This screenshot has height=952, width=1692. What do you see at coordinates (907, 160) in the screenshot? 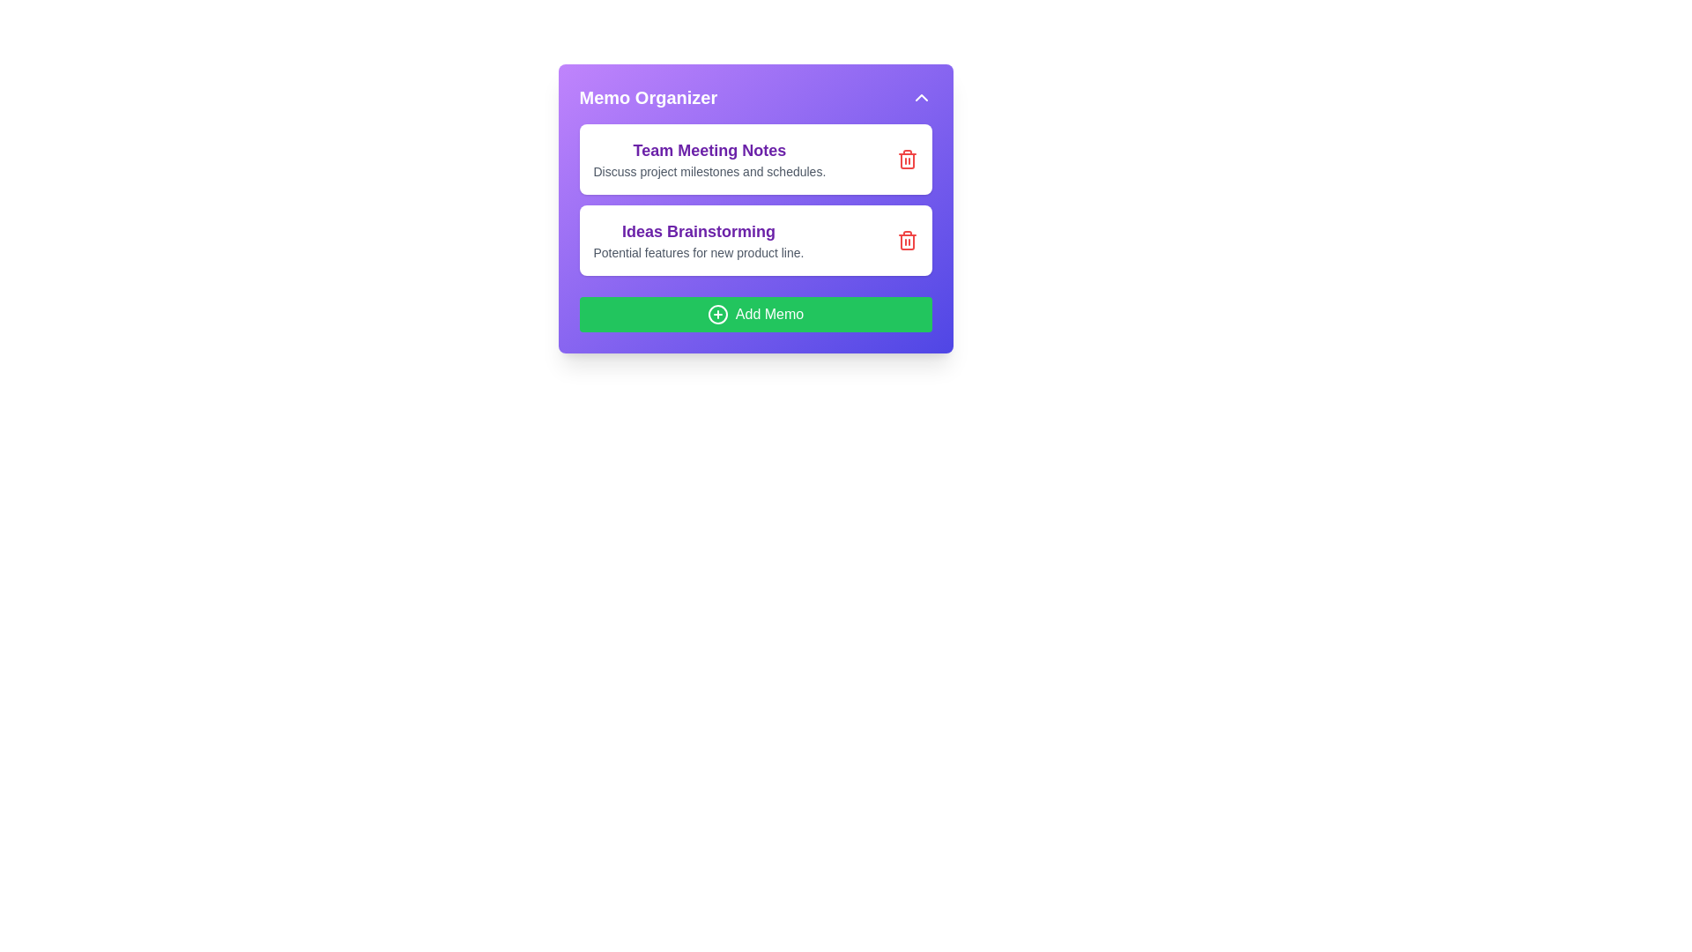
I see `delete button for the memo titled 'Team Meeting Notes'` at bounding box center [907, 160].